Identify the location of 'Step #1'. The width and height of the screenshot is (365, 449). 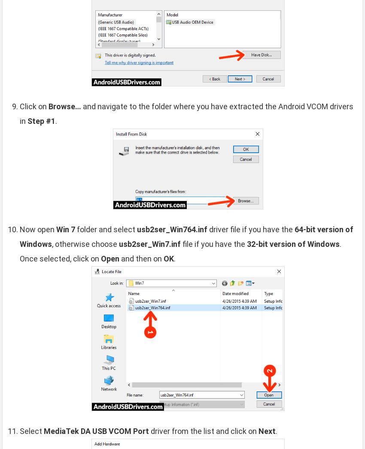
(41, 120).